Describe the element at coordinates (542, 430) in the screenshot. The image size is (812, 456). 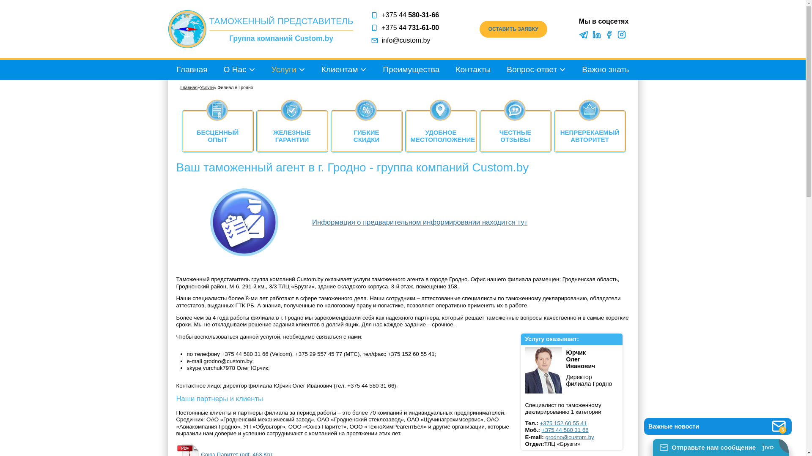
I see `'+375 44 580 31 66'` at that location.